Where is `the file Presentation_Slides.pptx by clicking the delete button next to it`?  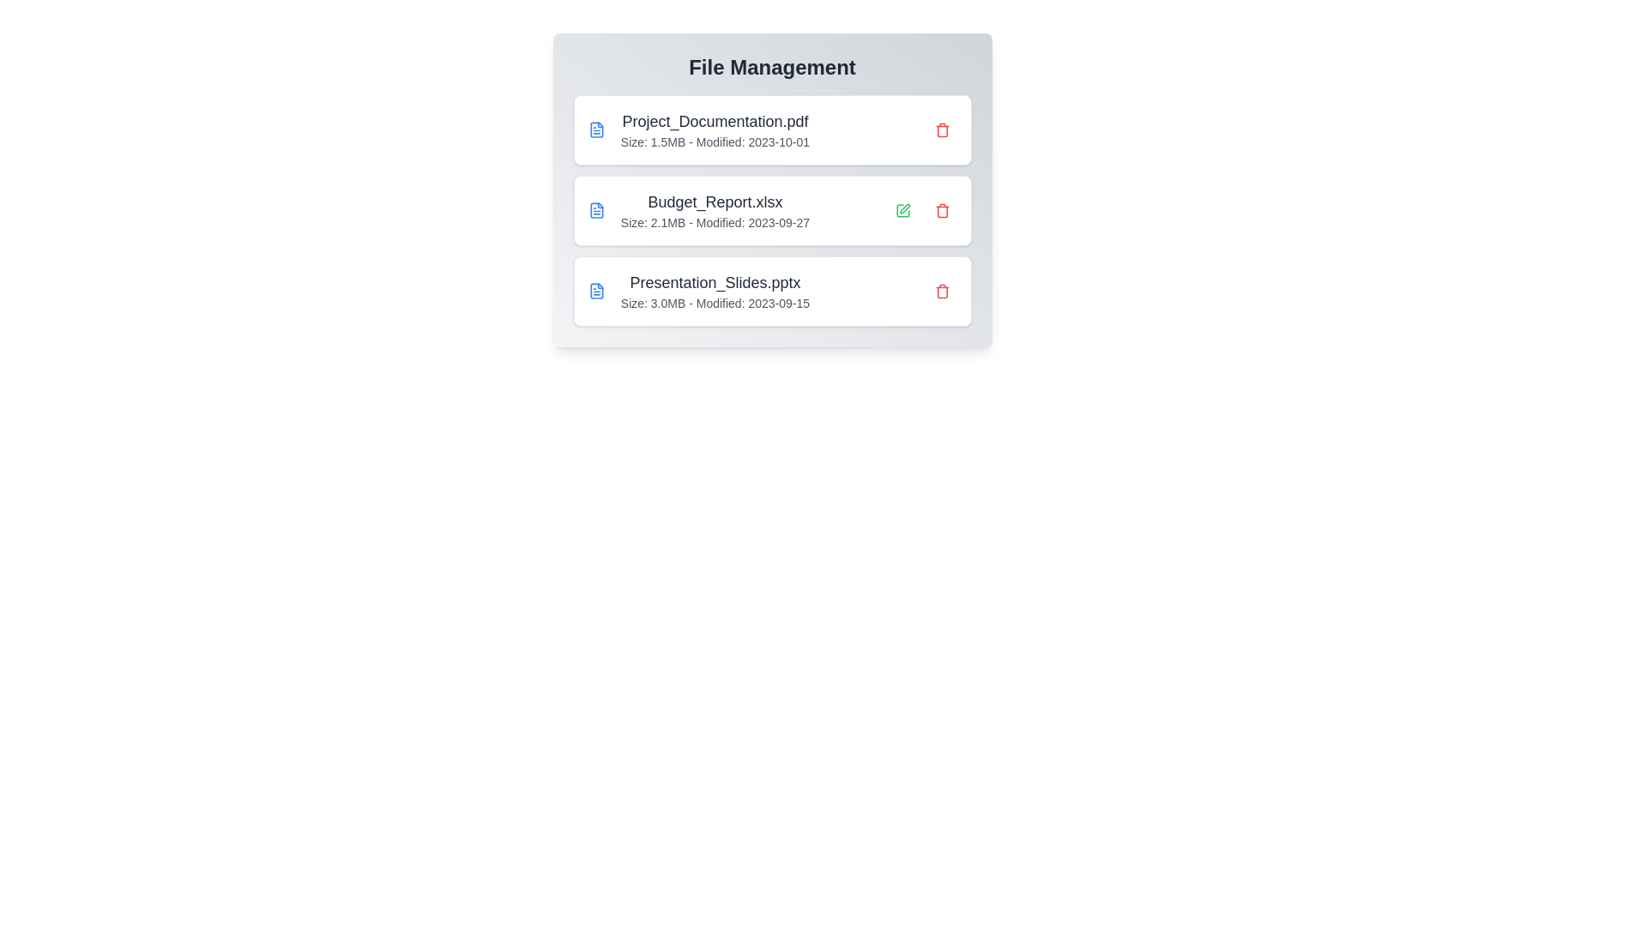 the file Presentation_Slides.pptx by clicking the delete button next to it is located at coordinates (941, 290).